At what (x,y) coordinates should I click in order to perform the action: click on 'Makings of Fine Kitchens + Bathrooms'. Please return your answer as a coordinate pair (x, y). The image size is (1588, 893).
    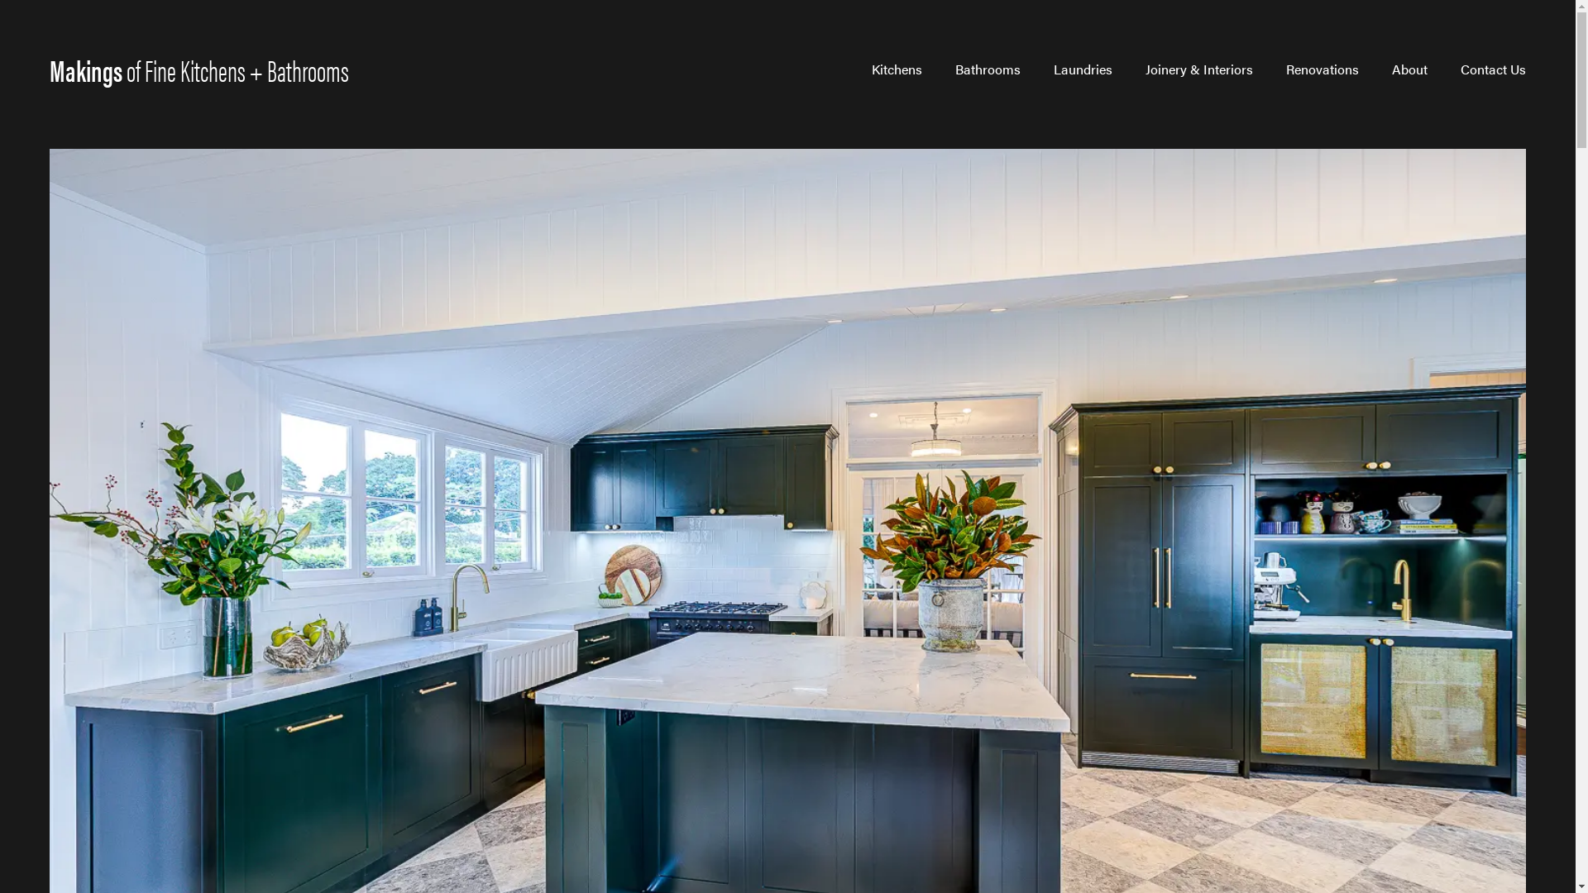
    Looking at the image, I should click on (198, 69).